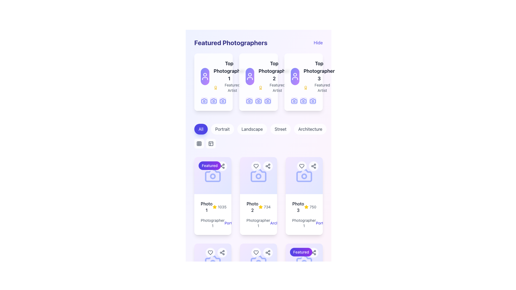  What do you see at coordinates (258, 262) in the screenshot?
I see `the camera icon with a light indigo color located in the second row, second column of the grid` at bounding box center [258, 262].